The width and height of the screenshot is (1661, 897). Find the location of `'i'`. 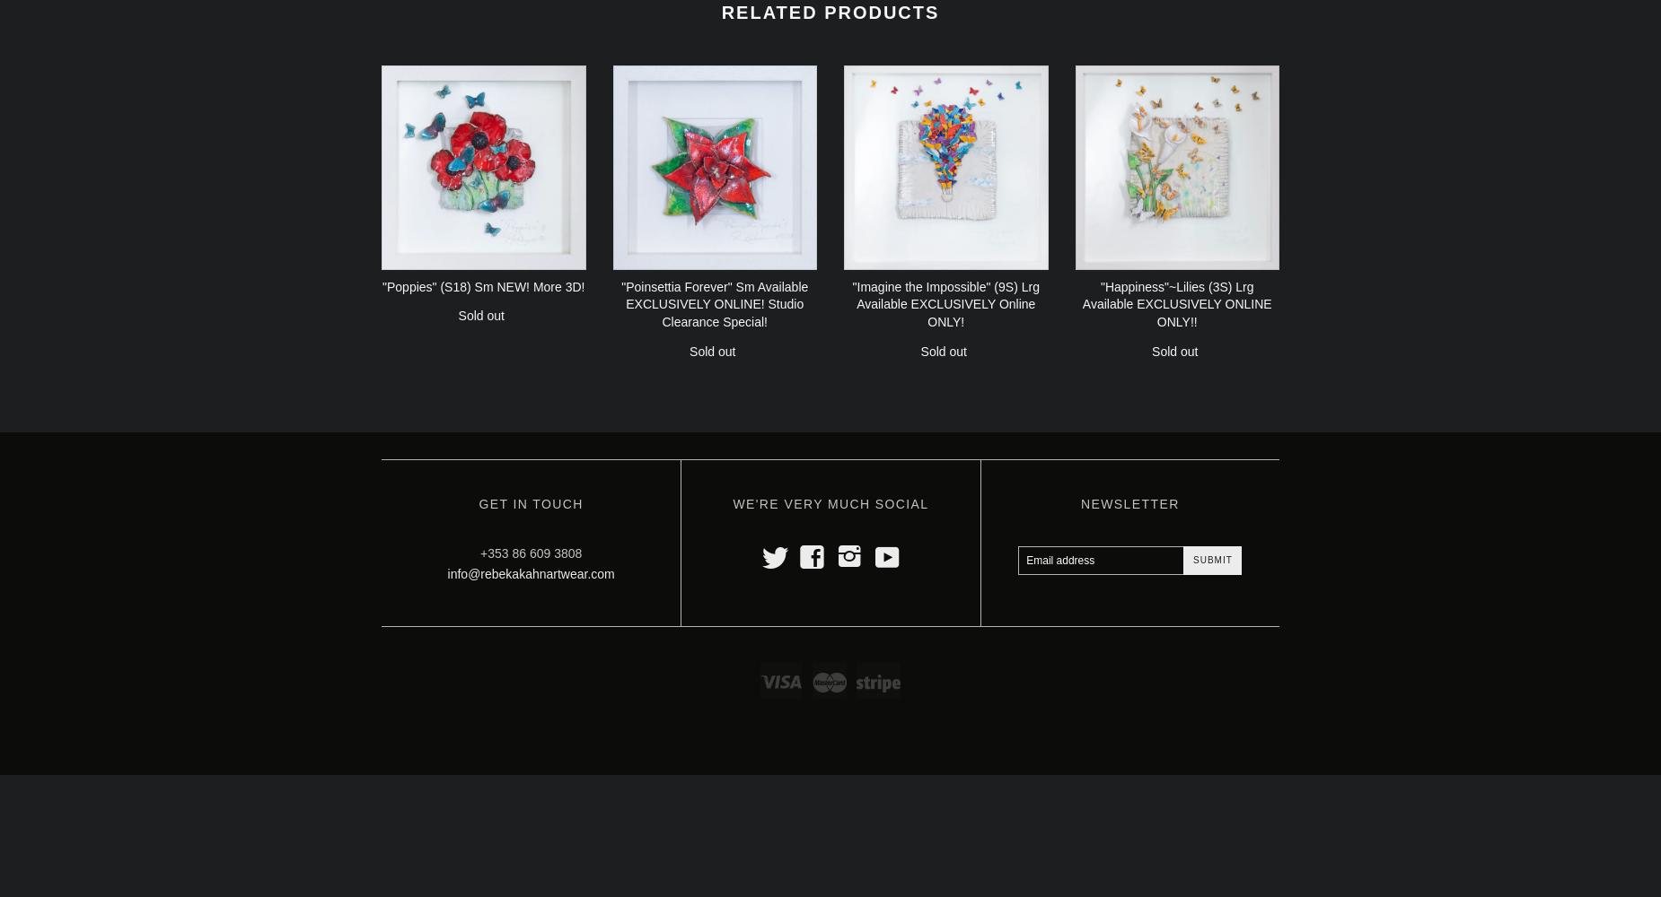

'i' is located at coordinates (848, 553).